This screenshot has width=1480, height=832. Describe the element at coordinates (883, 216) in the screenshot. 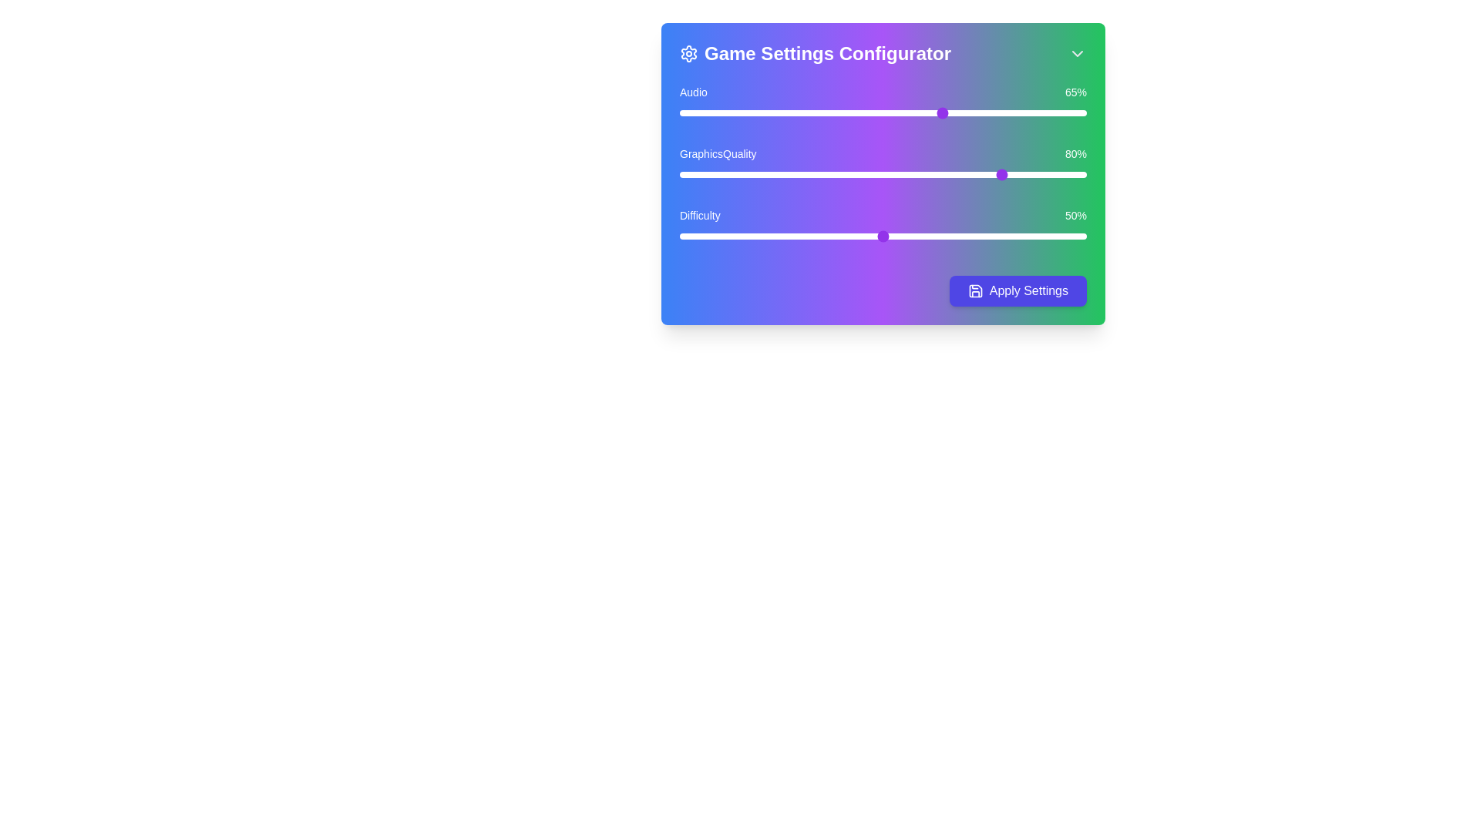

I see `the percentage displayed on the Informational Label, which shows '50%' on a blue-to-green gradient background` at that location.